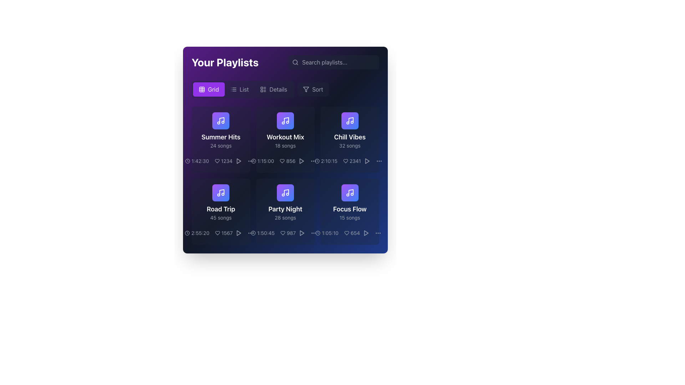 This screenshot has height=385, width=685. What do you see at coordinates (220, 209) in the screenshot?
I see `title text of the 'Road Trip' playlist located in the 'Your Playlists' section, specifically in the second row and first column` at bounding box center [220, 209].